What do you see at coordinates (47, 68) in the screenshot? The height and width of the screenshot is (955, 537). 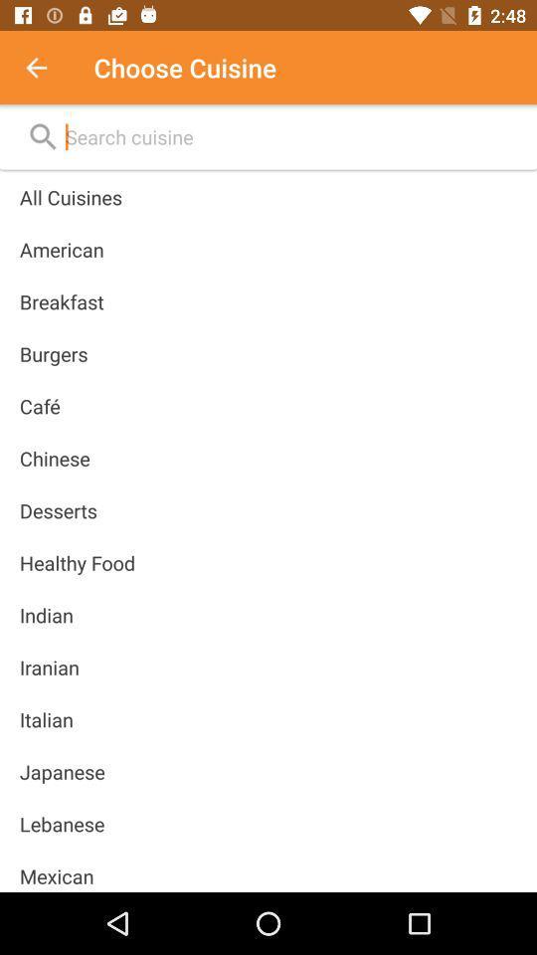 I see `type cuisine` at bounding box center [47, 68].